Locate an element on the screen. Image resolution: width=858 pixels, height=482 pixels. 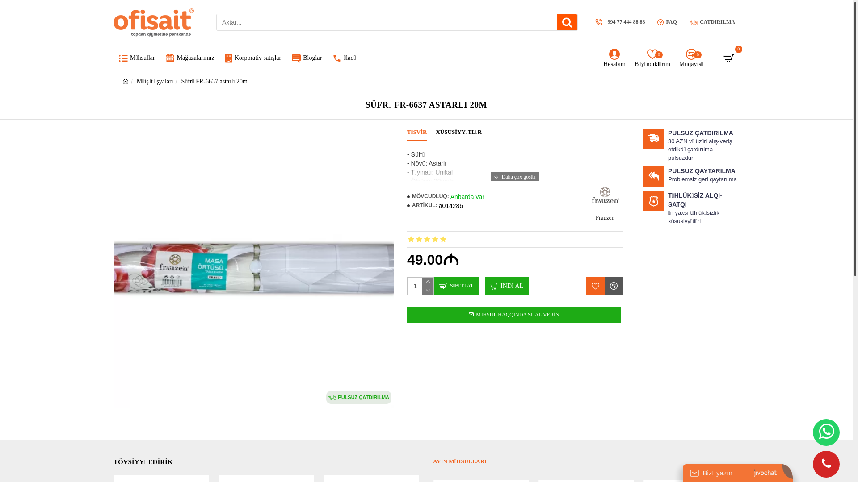
'Ofisait' is located at coordinates (154, 21).